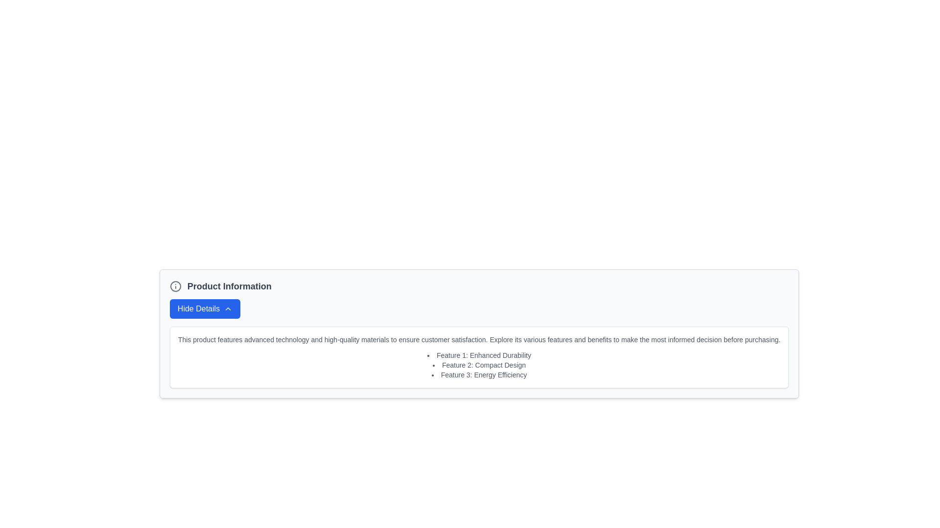 The image size is (940, 528). What do you see at coordinates (229, 286) in the screenshot?
I see `the 'Product Information' text label, which is styled in bold and larger font` at bounding box center [229, 286].